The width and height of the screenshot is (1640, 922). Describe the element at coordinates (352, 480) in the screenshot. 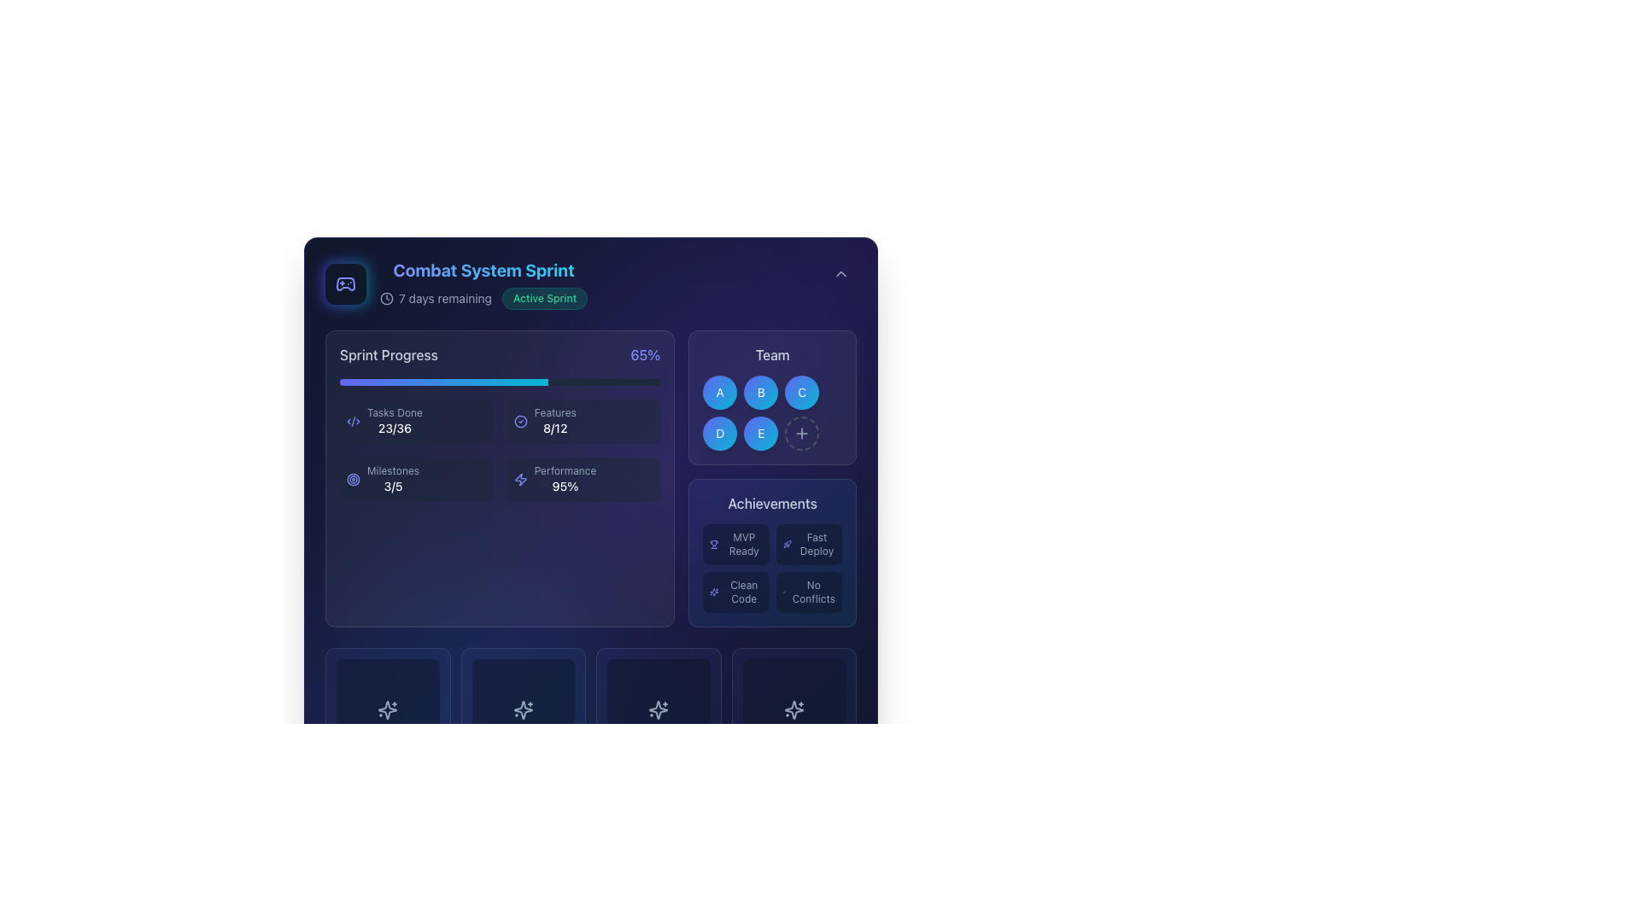

I see `the decorative target icon located to the left of the 'Milestones' text in the 'Sprint Progress' section` at that location.